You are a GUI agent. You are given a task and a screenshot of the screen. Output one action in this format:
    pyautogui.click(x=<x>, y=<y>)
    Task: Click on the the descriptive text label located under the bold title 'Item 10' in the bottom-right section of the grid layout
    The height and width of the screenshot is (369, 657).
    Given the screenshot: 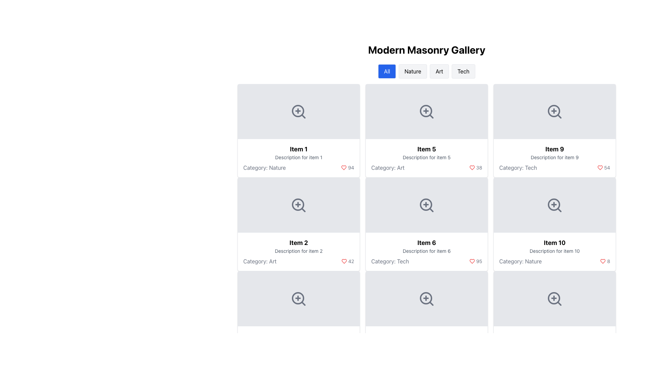 What is the action you would take?
    pyautogui.click(x=555, y=251)
    